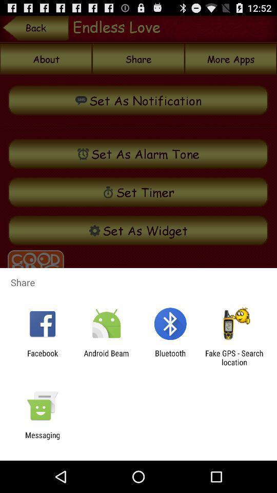  Describe the element at coordinates (234, 357) in the screenshot. I see `the item at the bottom right corner` at that location.